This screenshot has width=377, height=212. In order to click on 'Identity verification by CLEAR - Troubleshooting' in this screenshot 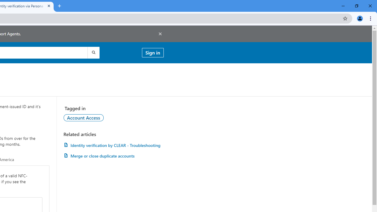, I will do `click(113, 145)`.